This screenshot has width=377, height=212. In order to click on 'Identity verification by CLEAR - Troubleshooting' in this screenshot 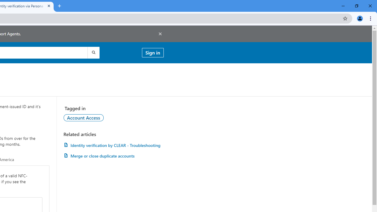, I will do `click(113, 145)`.